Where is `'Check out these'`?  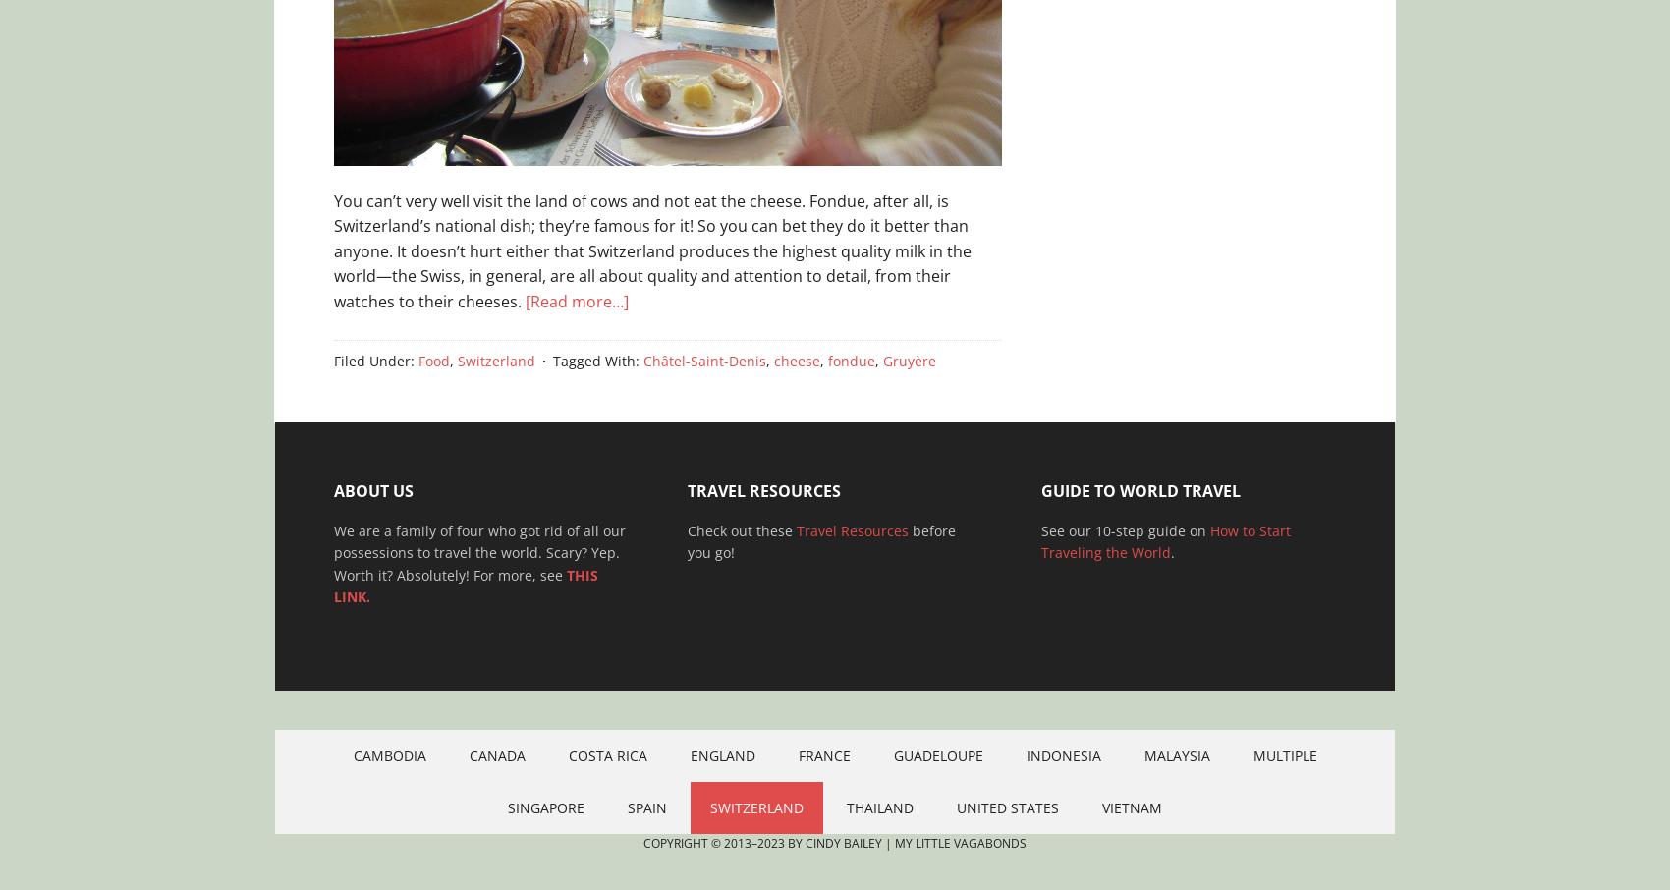
'Check out these' is located at coordinates (741, 529).